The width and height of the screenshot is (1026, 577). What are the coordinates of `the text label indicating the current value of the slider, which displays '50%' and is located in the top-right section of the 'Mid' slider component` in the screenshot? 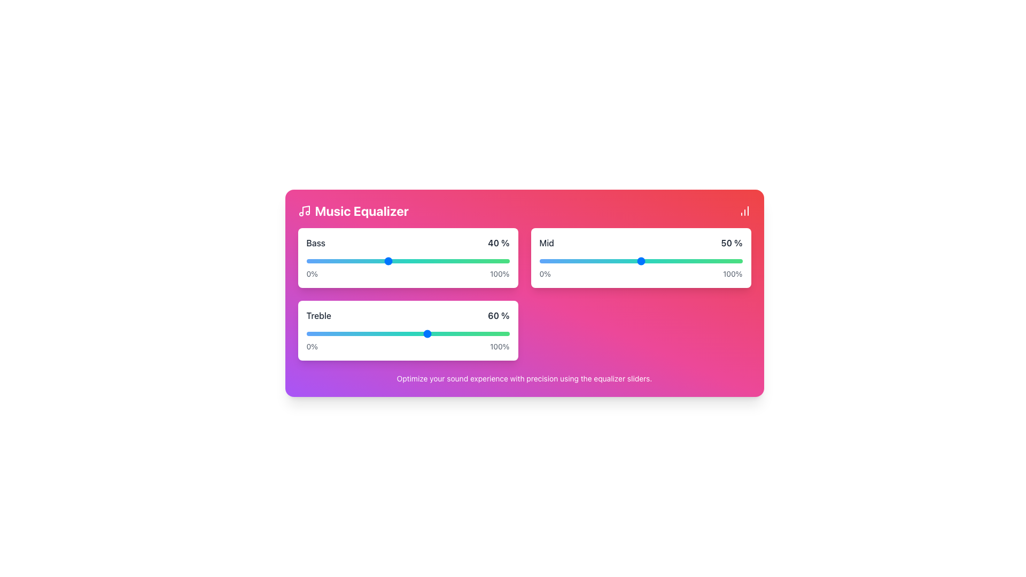 It's located at (731, 243).